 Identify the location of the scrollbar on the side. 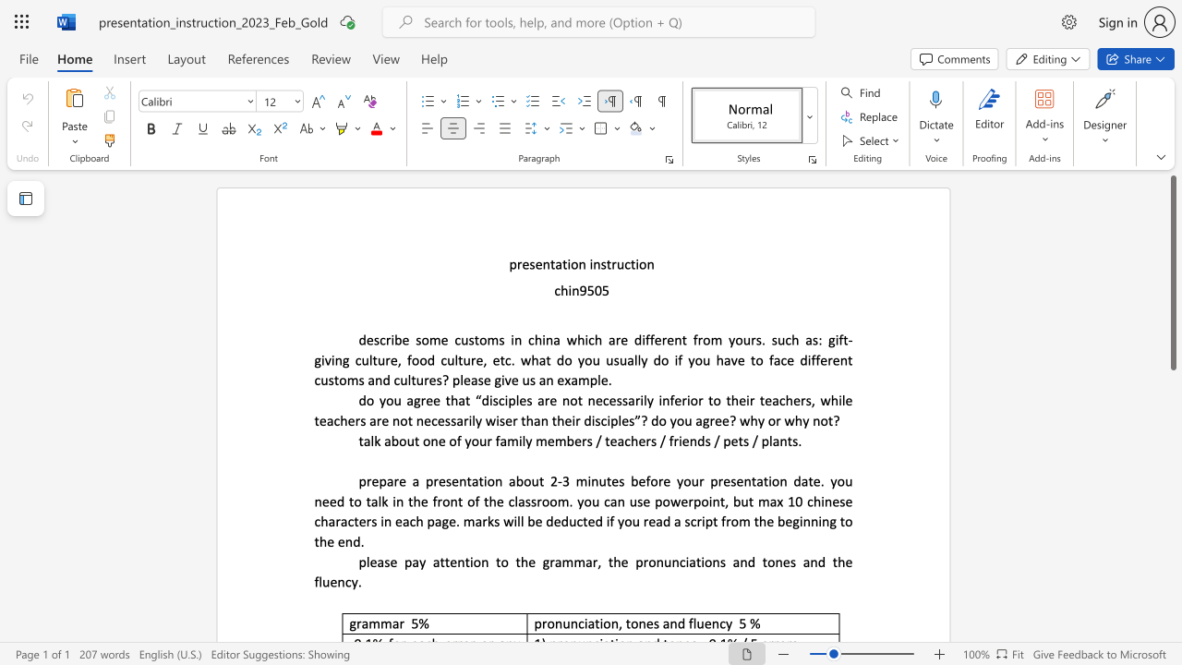
(1172, 508).